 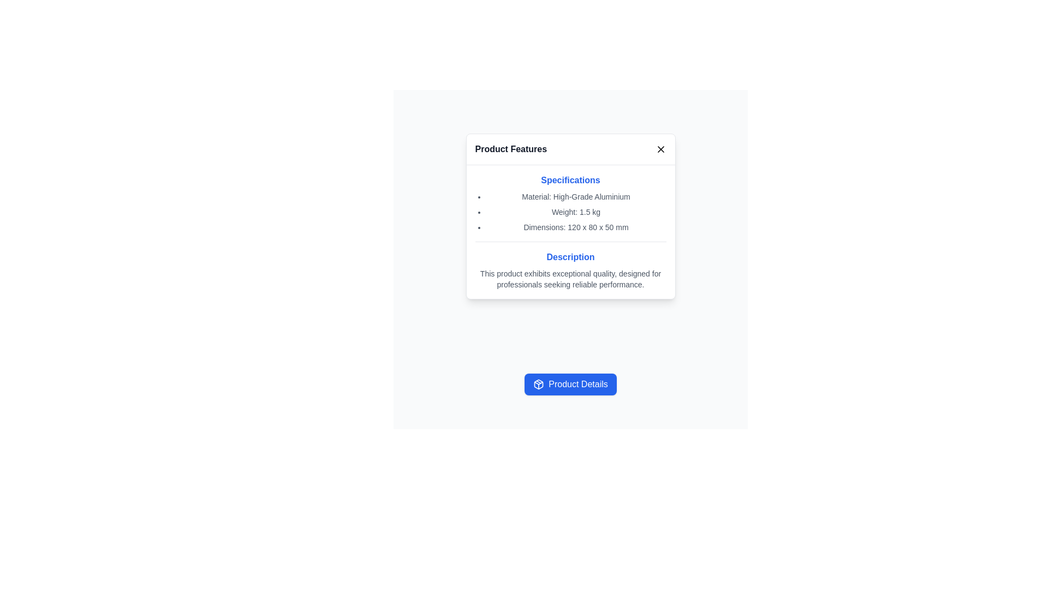 I want to click on the Informational Text Block labeled 'Specifications' which displays product details in a bold blue font at the top and smaller gray font bullet points below, so click(x=570, y=208).